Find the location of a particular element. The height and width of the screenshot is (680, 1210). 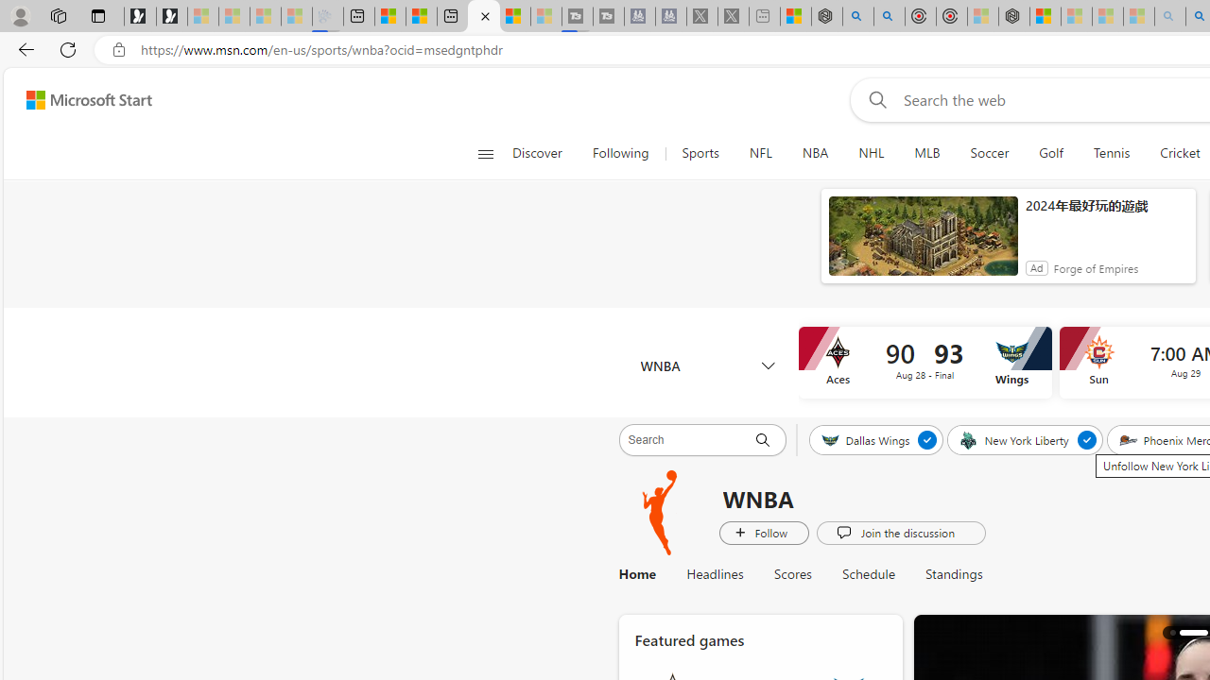

'Scores' is located at coordinates (793, 573).